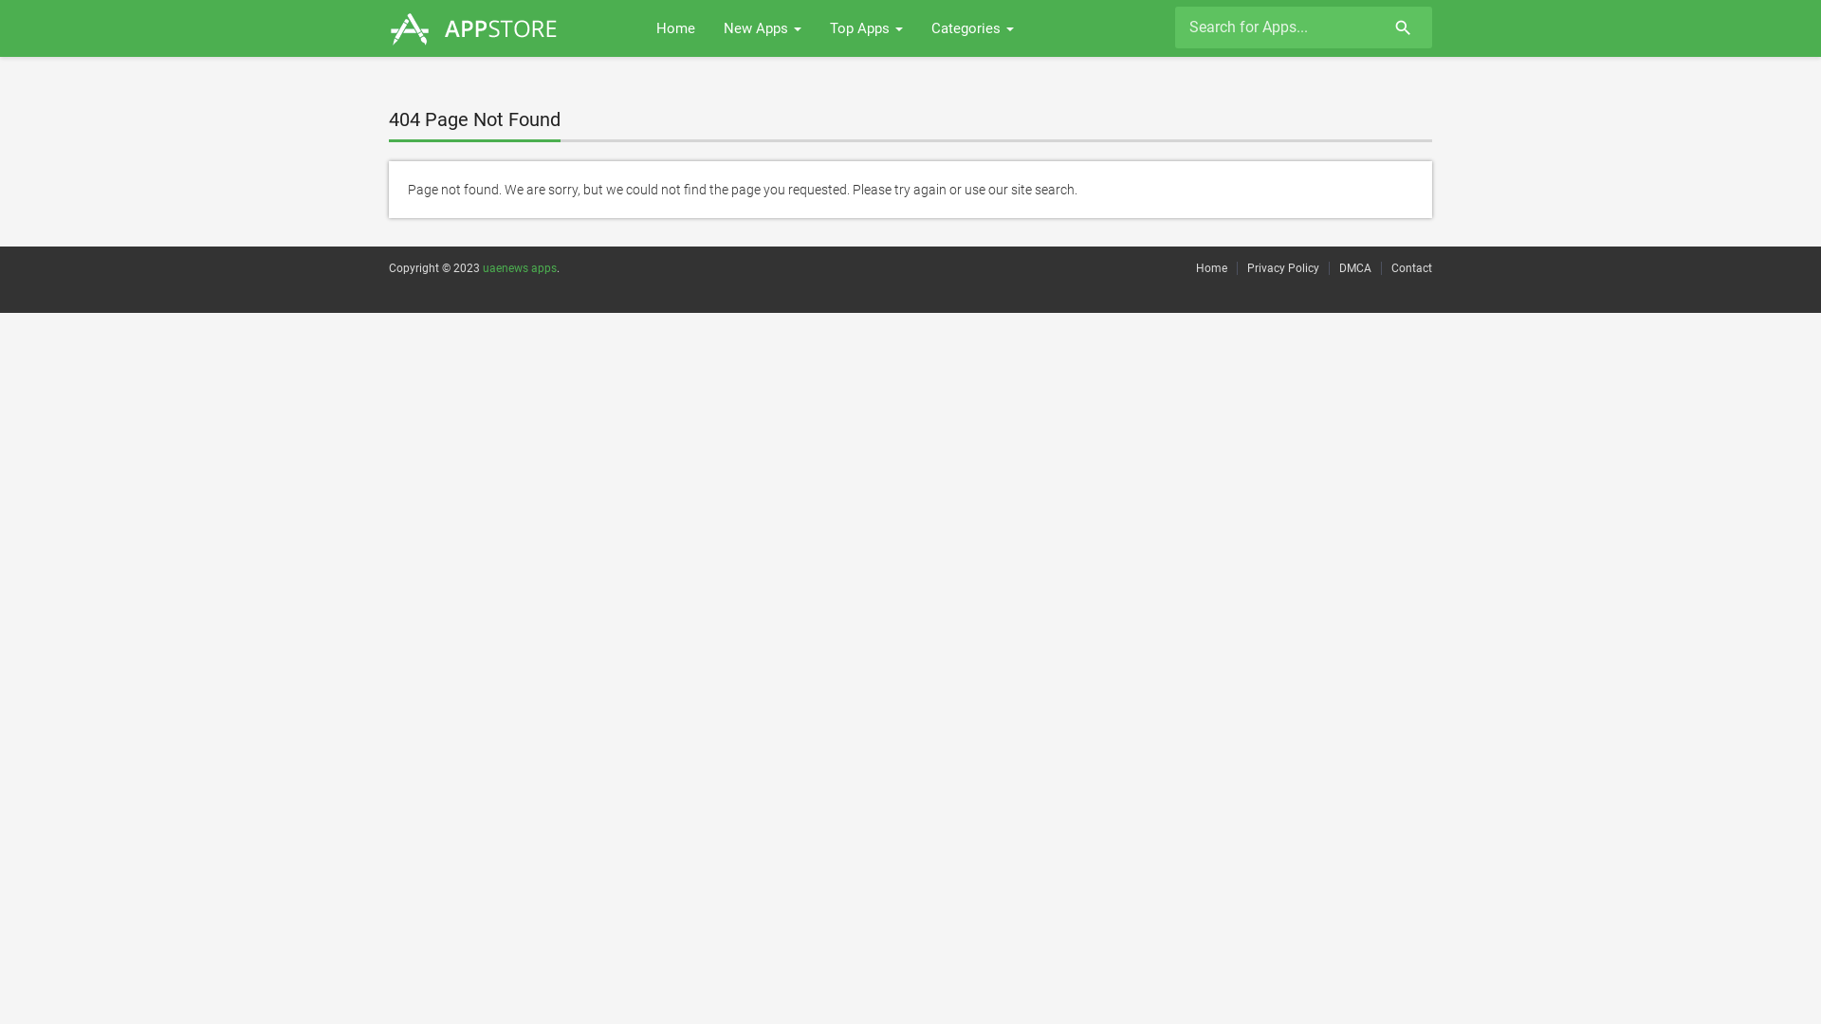 The image size is (1821, 1024). What do you see at coordinates (1283, 267) in the screenshot?
I see `'Privacy Policy'` at bounding box center [1283, 267].